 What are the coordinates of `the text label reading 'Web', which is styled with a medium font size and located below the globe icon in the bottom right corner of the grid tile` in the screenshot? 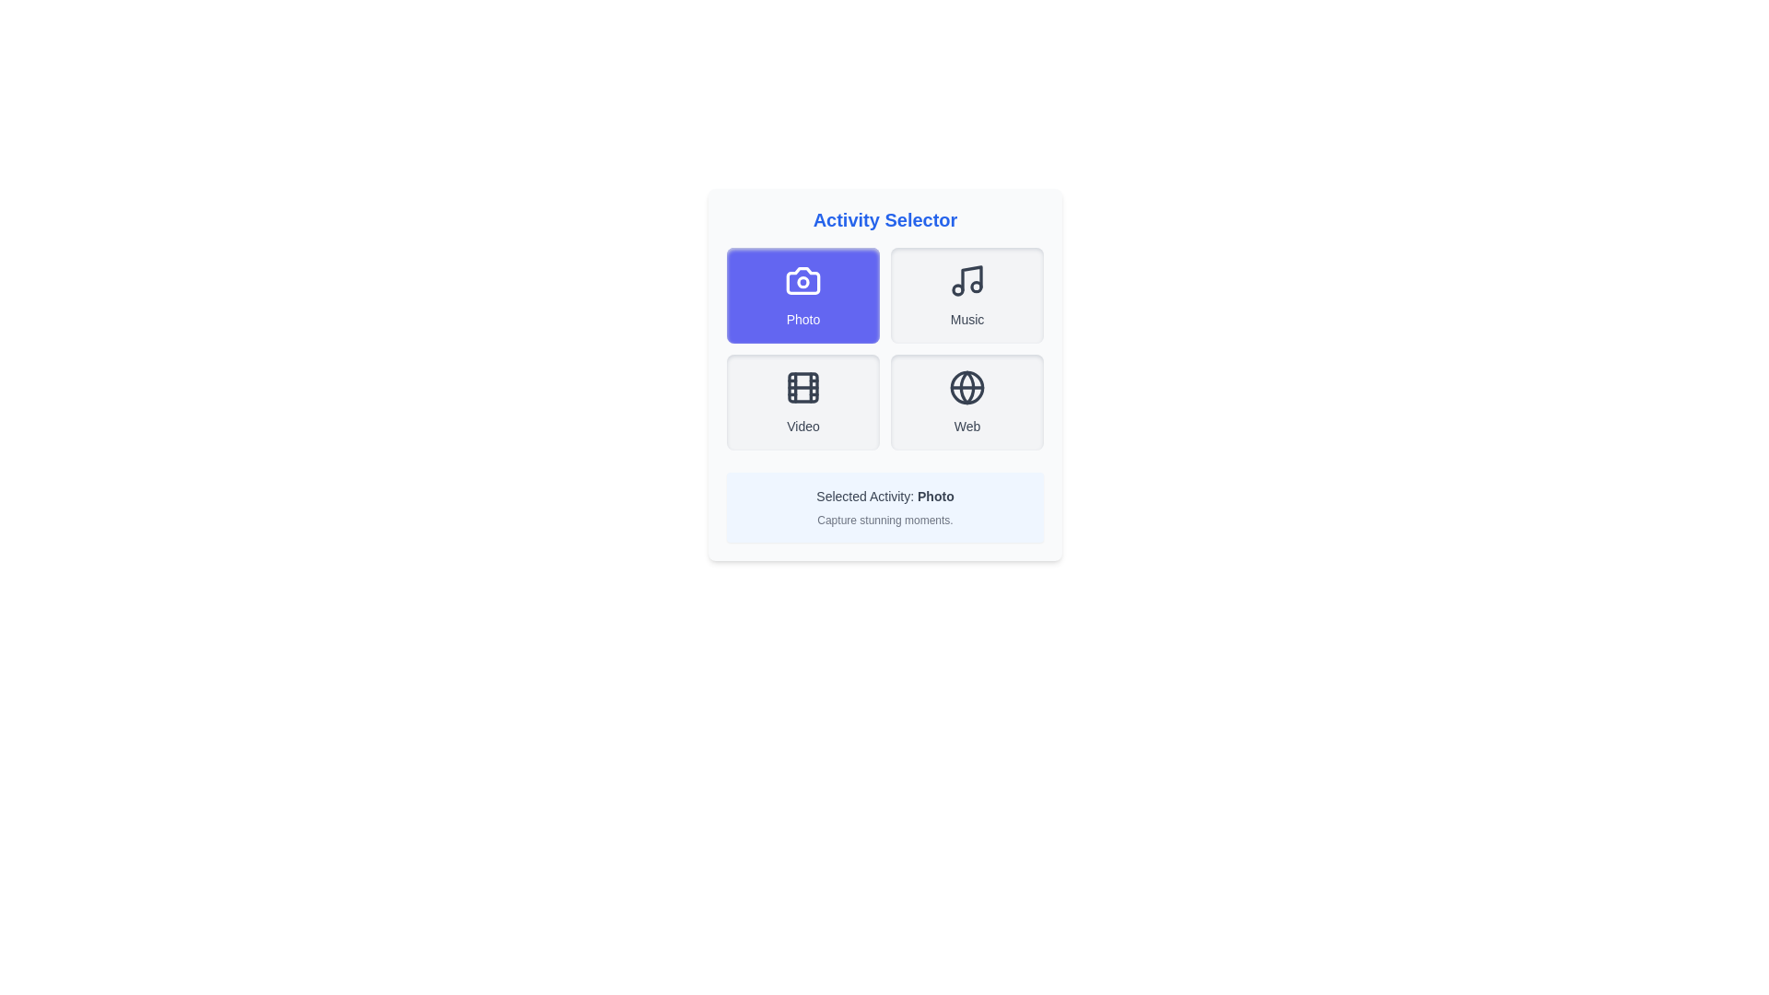 It's located at (967, 426).